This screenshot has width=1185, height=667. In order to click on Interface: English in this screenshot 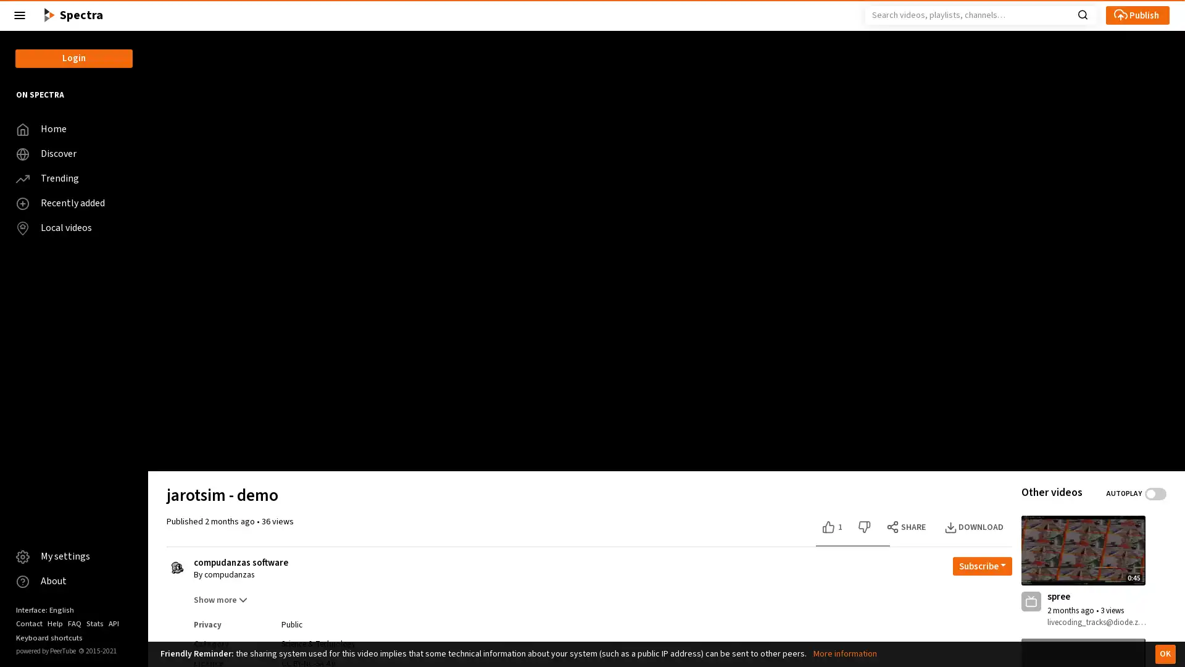, I will do `click(44, 609)`.